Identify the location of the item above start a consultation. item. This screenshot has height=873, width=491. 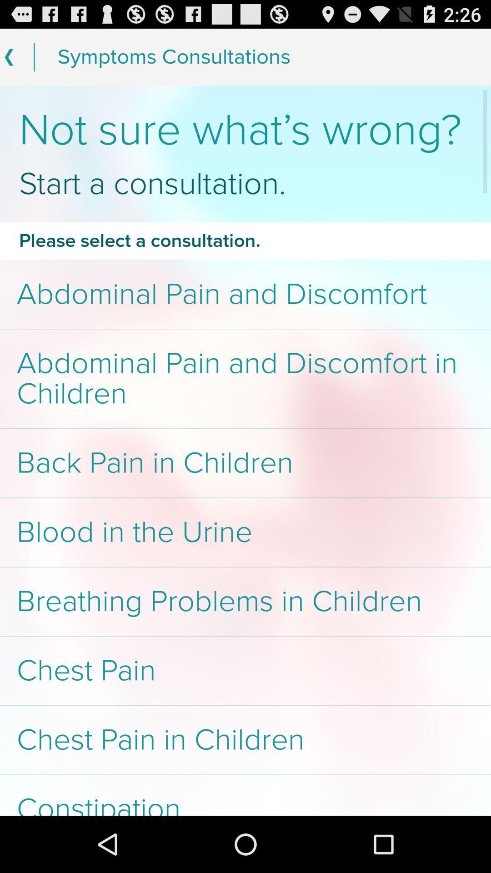
(245, 130).